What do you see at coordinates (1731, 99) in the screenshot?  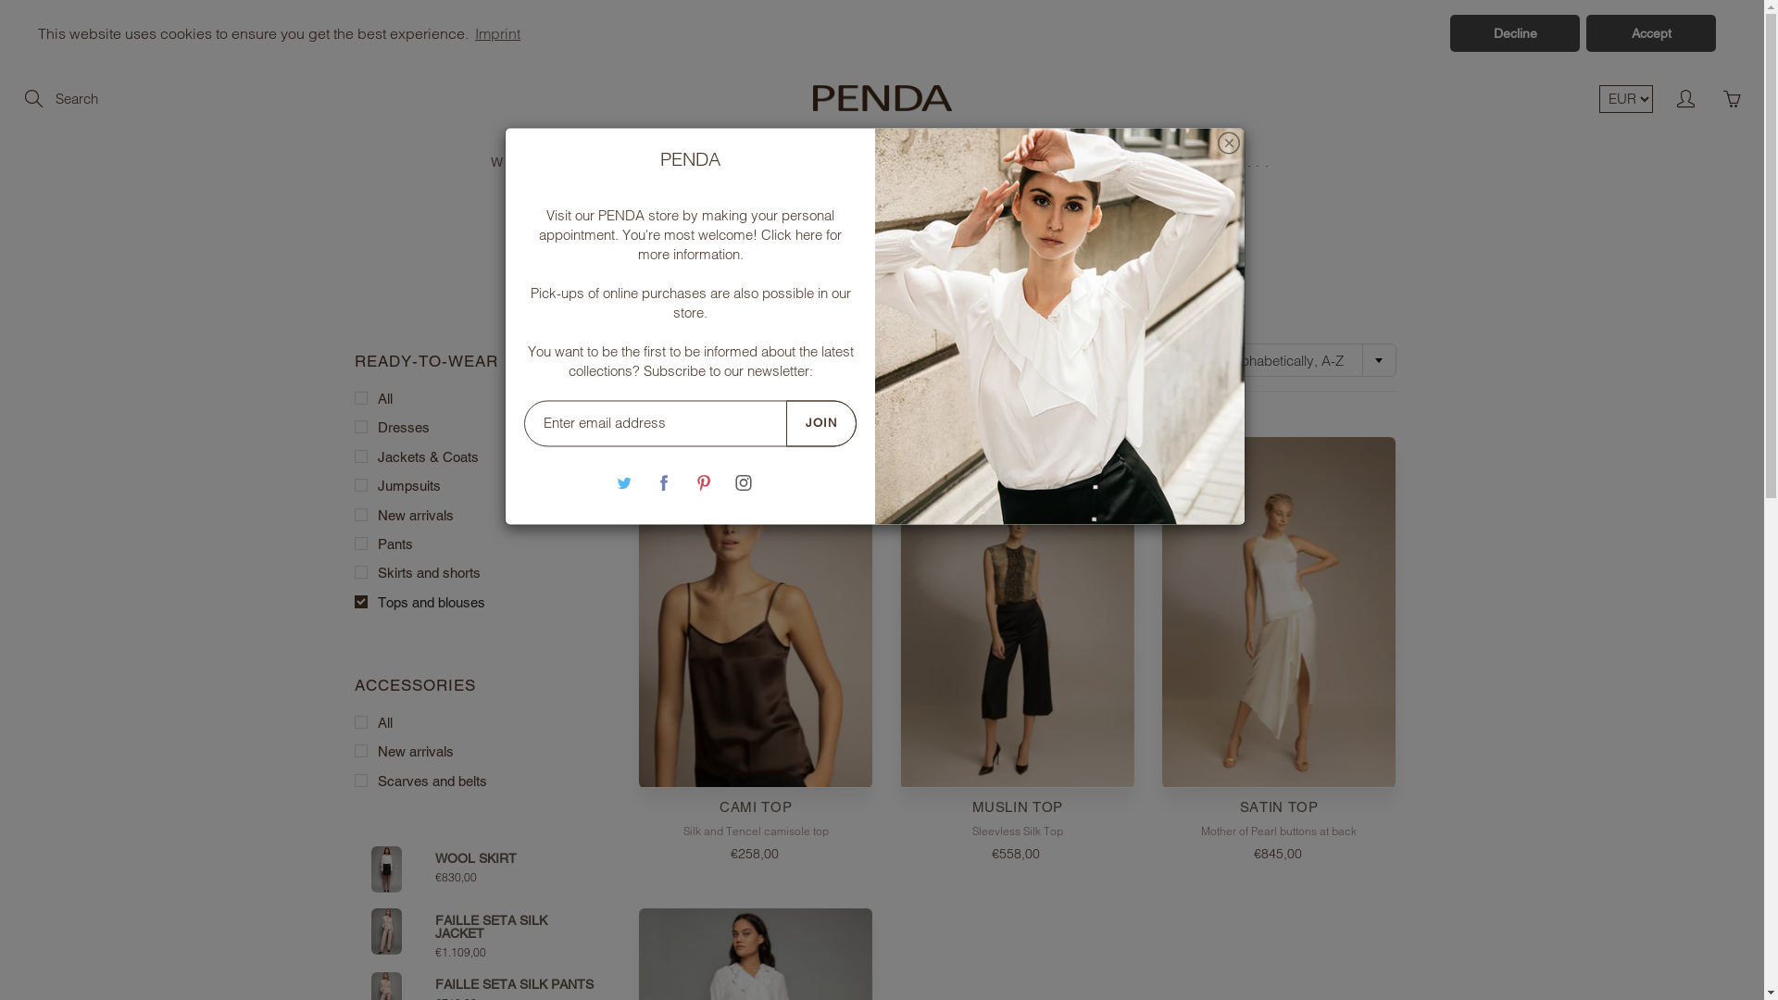 I see `'You have 0 items in your cart'` at bounding box center [1731, 99].